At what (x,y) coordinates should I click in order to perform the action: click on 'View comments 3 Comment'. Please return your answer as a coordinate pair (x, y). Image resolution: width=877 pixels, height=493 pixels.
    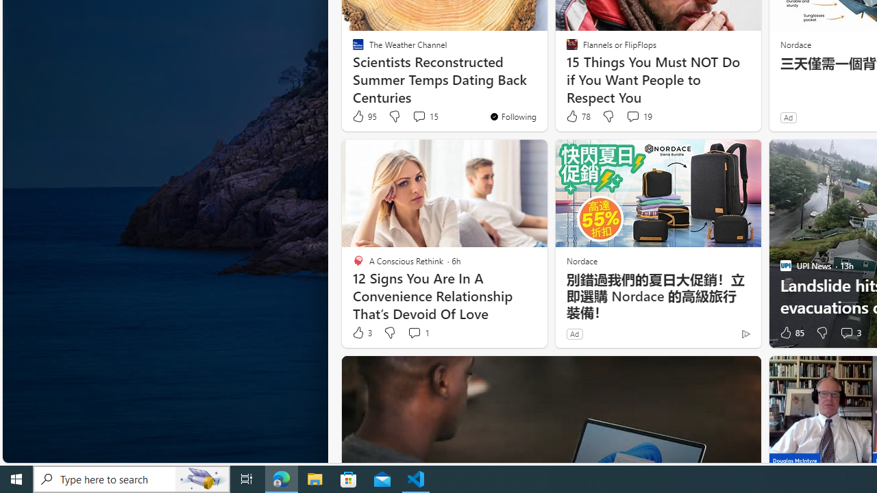
    Looking at the image, I should click on (849, 333).